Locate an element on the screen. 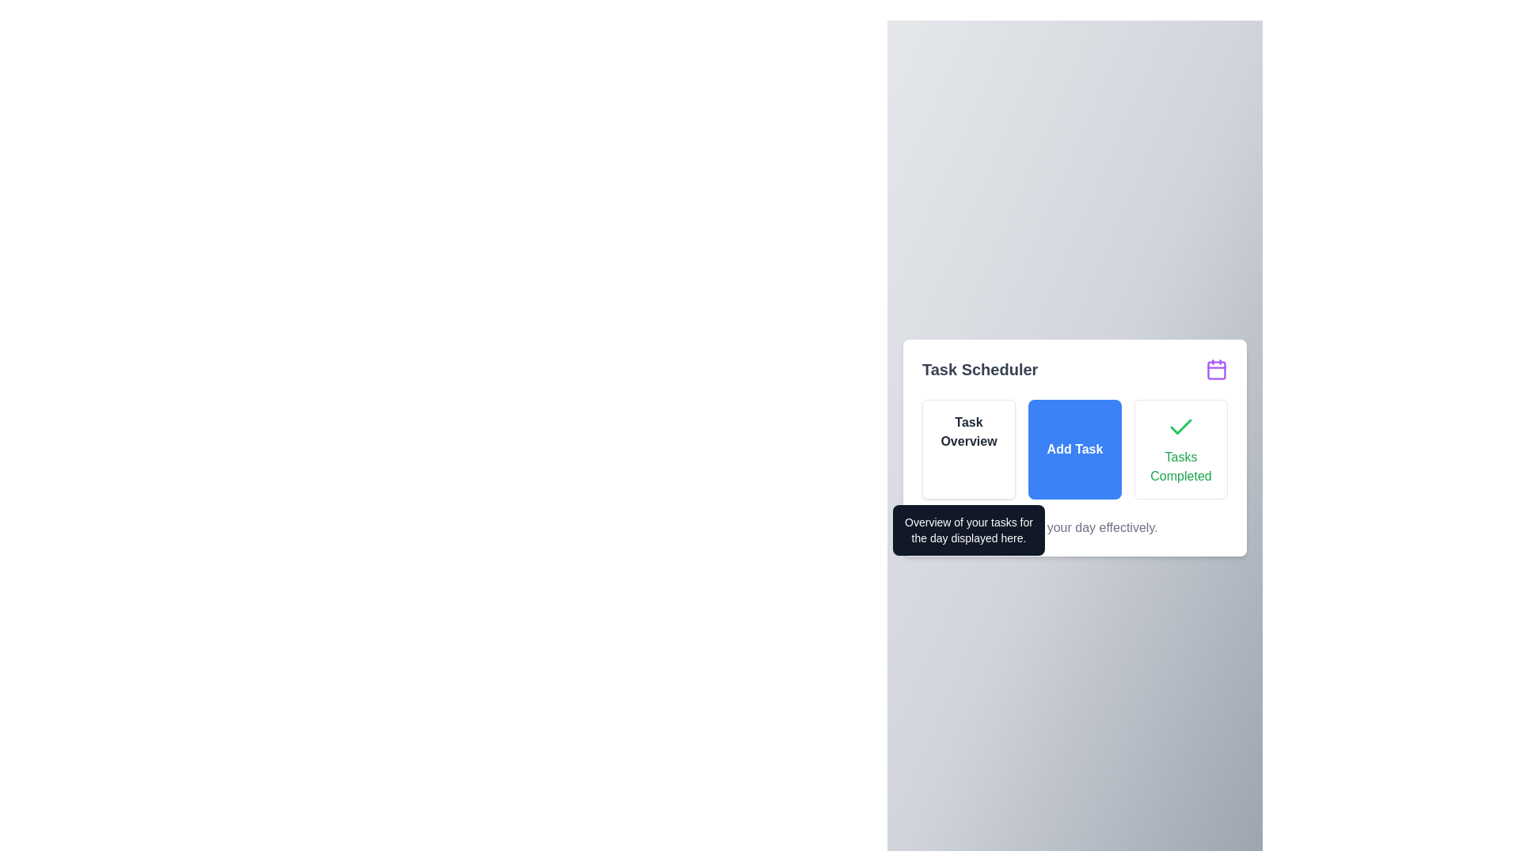 This screenshot has width=1520, height=855. the 'Add Task' button is located at coordinates (1075, 449).